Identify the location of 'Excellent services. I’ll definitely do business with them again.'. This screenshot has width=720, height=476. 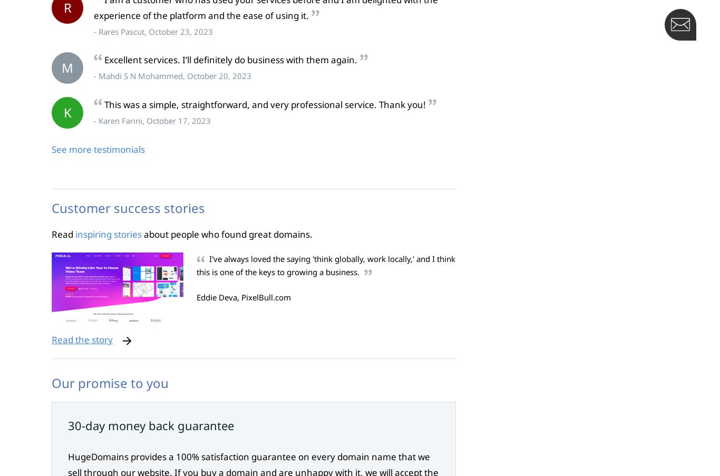
(103, 60).